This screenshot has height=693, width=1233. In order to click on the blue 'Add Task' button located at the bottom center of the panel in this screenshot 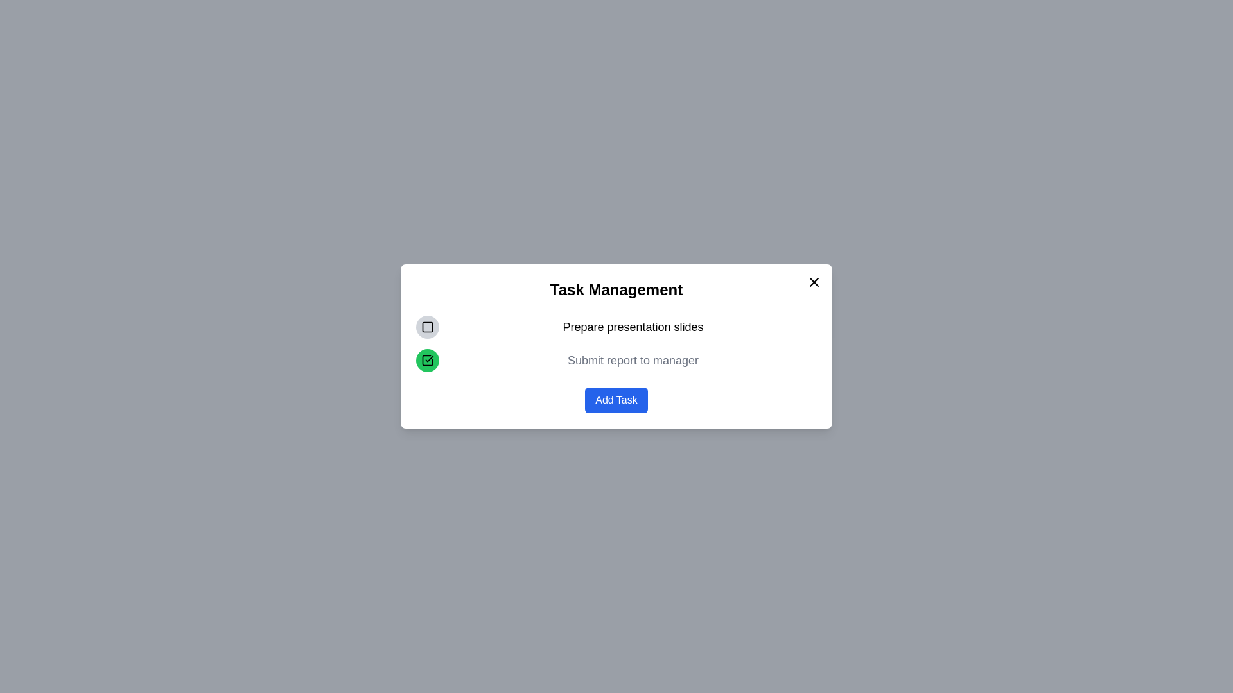, I will do `click(616, 400)`.